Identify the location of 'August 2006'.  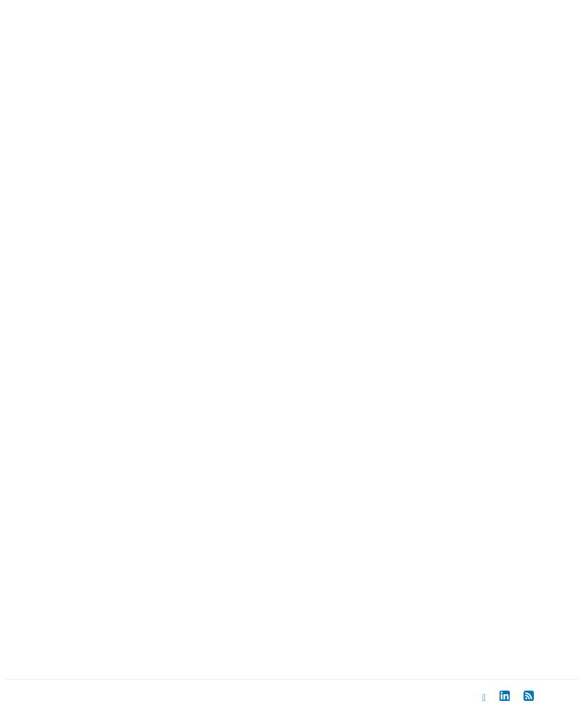
(91, 298).